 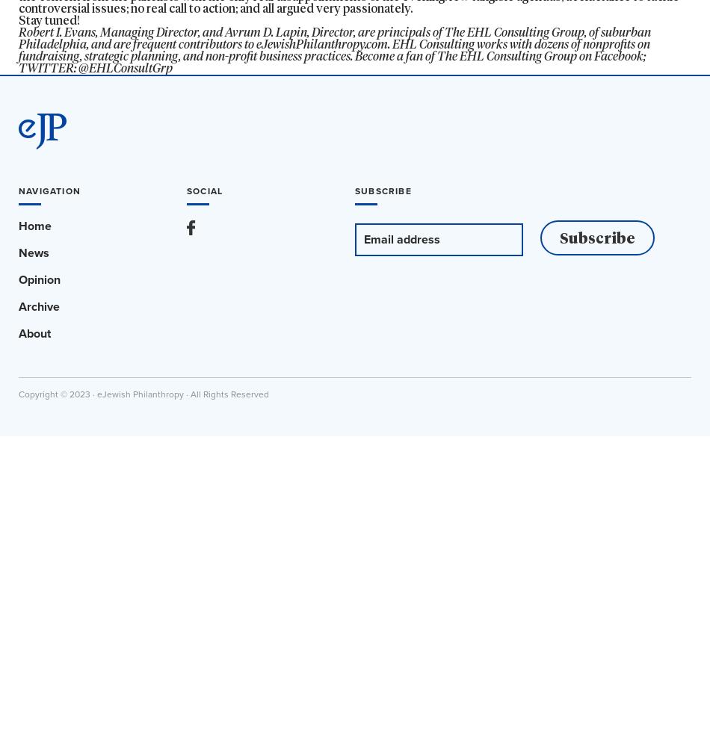 I want to click on 'News', so click(x=34, y=252).